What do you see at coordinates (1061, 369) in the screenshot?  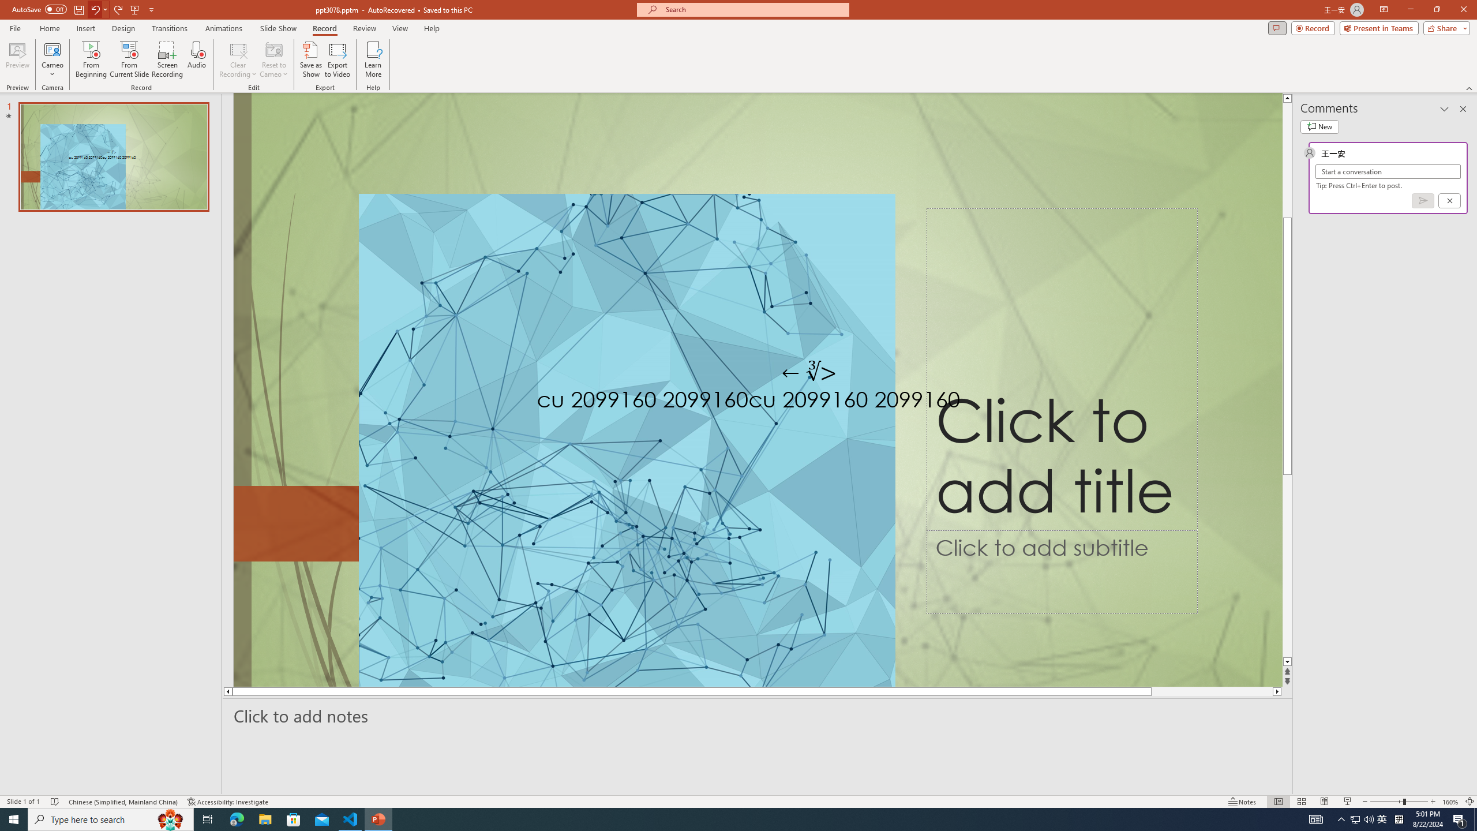 I see `'Title TextBox'` at bounding box center [1061, 369].